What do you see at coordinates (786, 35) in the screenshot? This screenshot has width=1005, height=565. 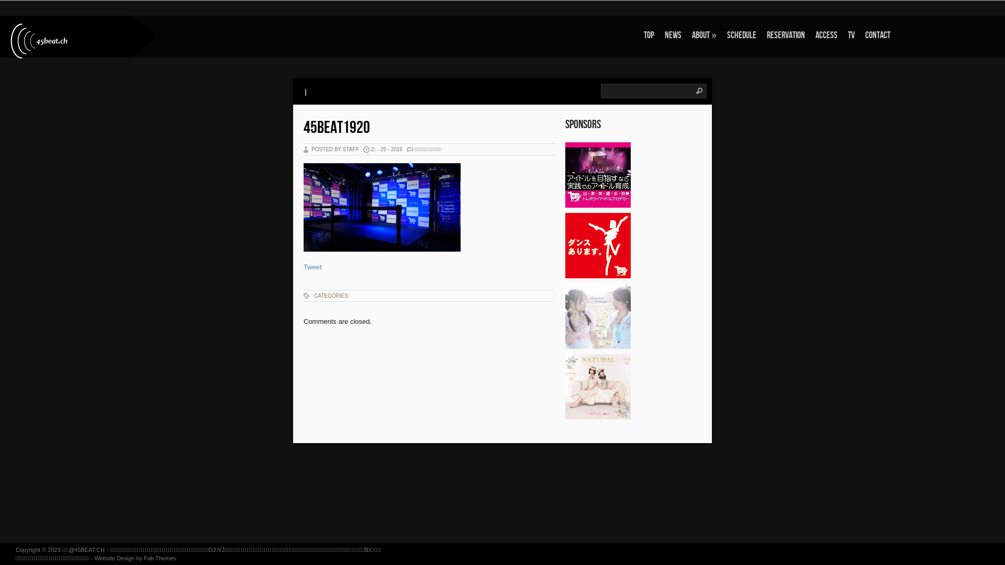 I see `'RESERVATION'` at bounding box center [786, 35].